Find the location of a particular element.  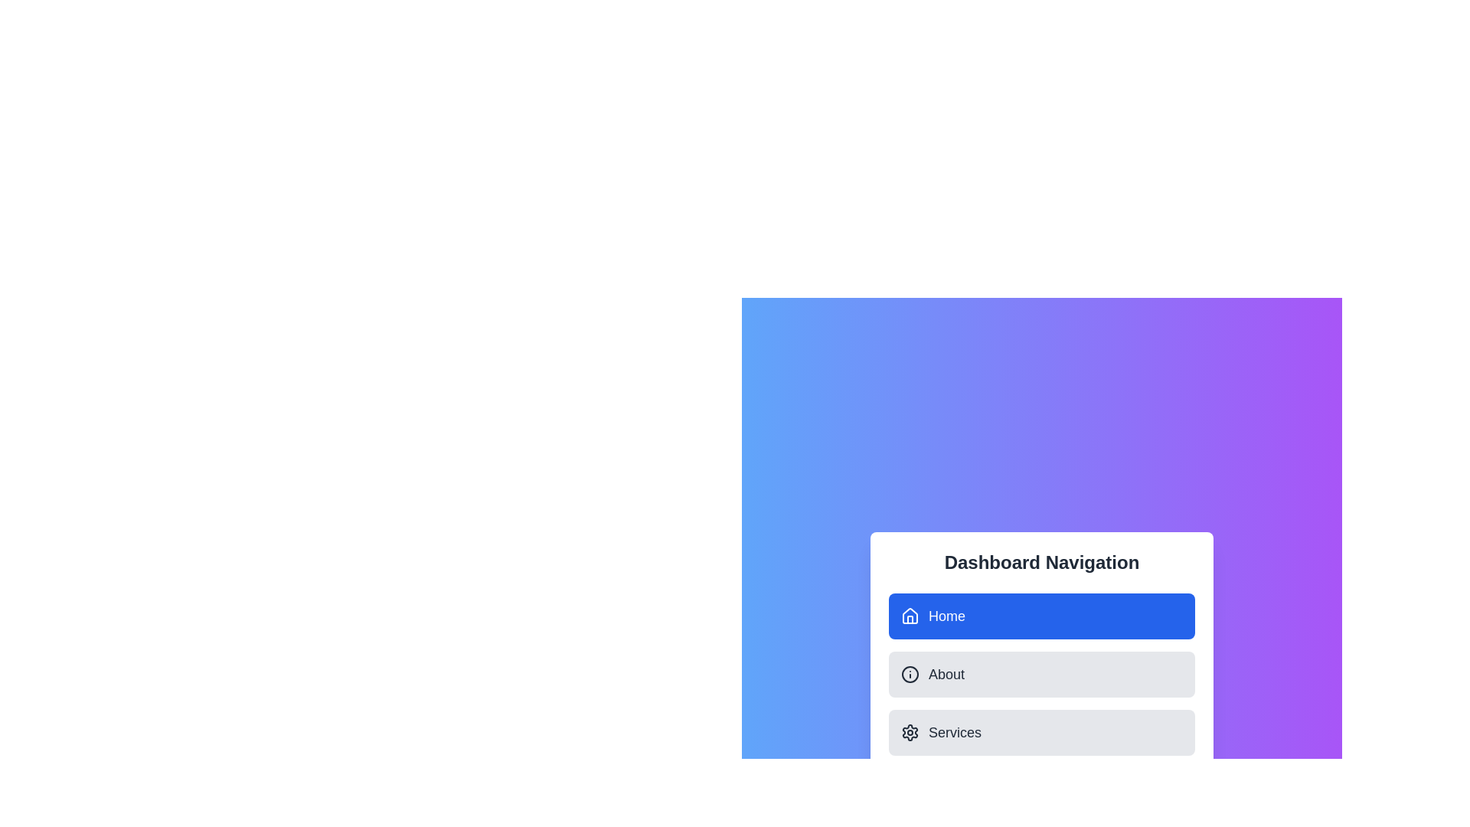

the decorative 'Home' navigation icon located inside the blue-highlighted menu option at the top-left corner is located at coordinates (910, 614).